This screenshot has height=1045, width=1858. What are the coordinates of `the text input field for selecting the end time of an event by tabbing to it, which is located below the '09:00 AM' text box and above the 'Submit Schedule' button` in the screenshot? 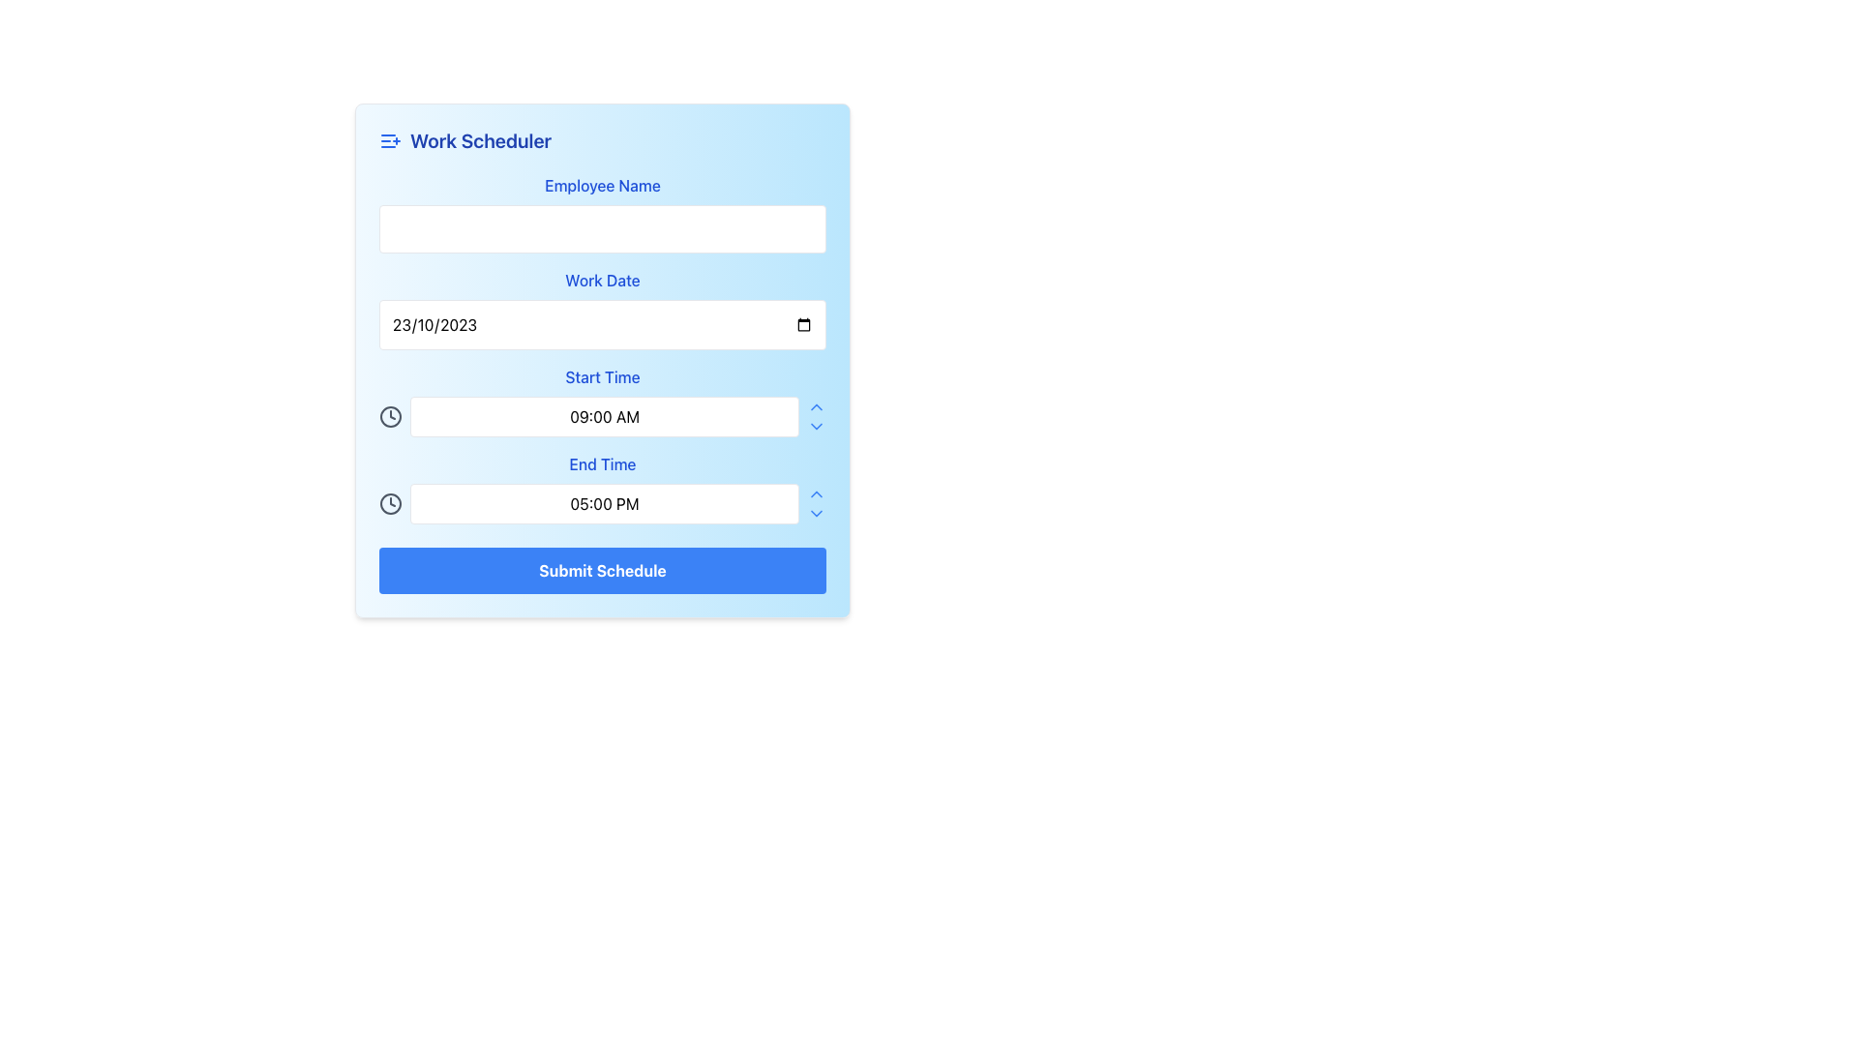 It's located at (603, 502).